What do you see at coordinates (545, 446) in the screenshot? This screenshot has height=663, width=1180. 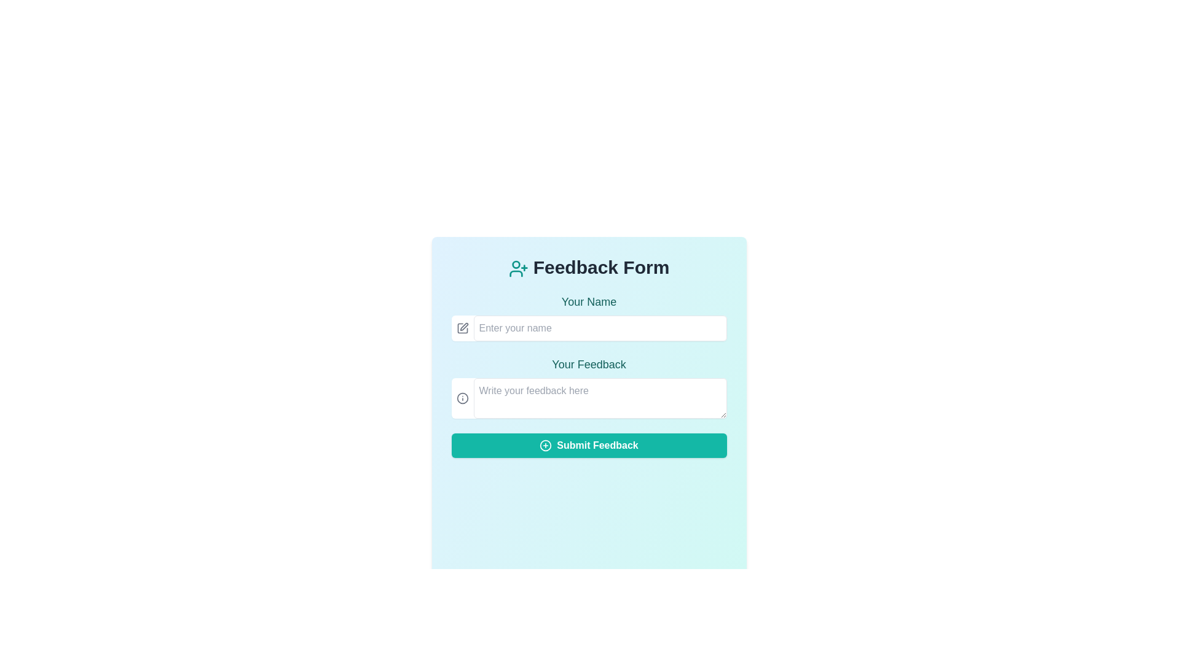 I see `the teal-colored icon with a plus symbol inside a circle, located to the left of the 'Submit Feedback' text` at bounding box center [545, 446].